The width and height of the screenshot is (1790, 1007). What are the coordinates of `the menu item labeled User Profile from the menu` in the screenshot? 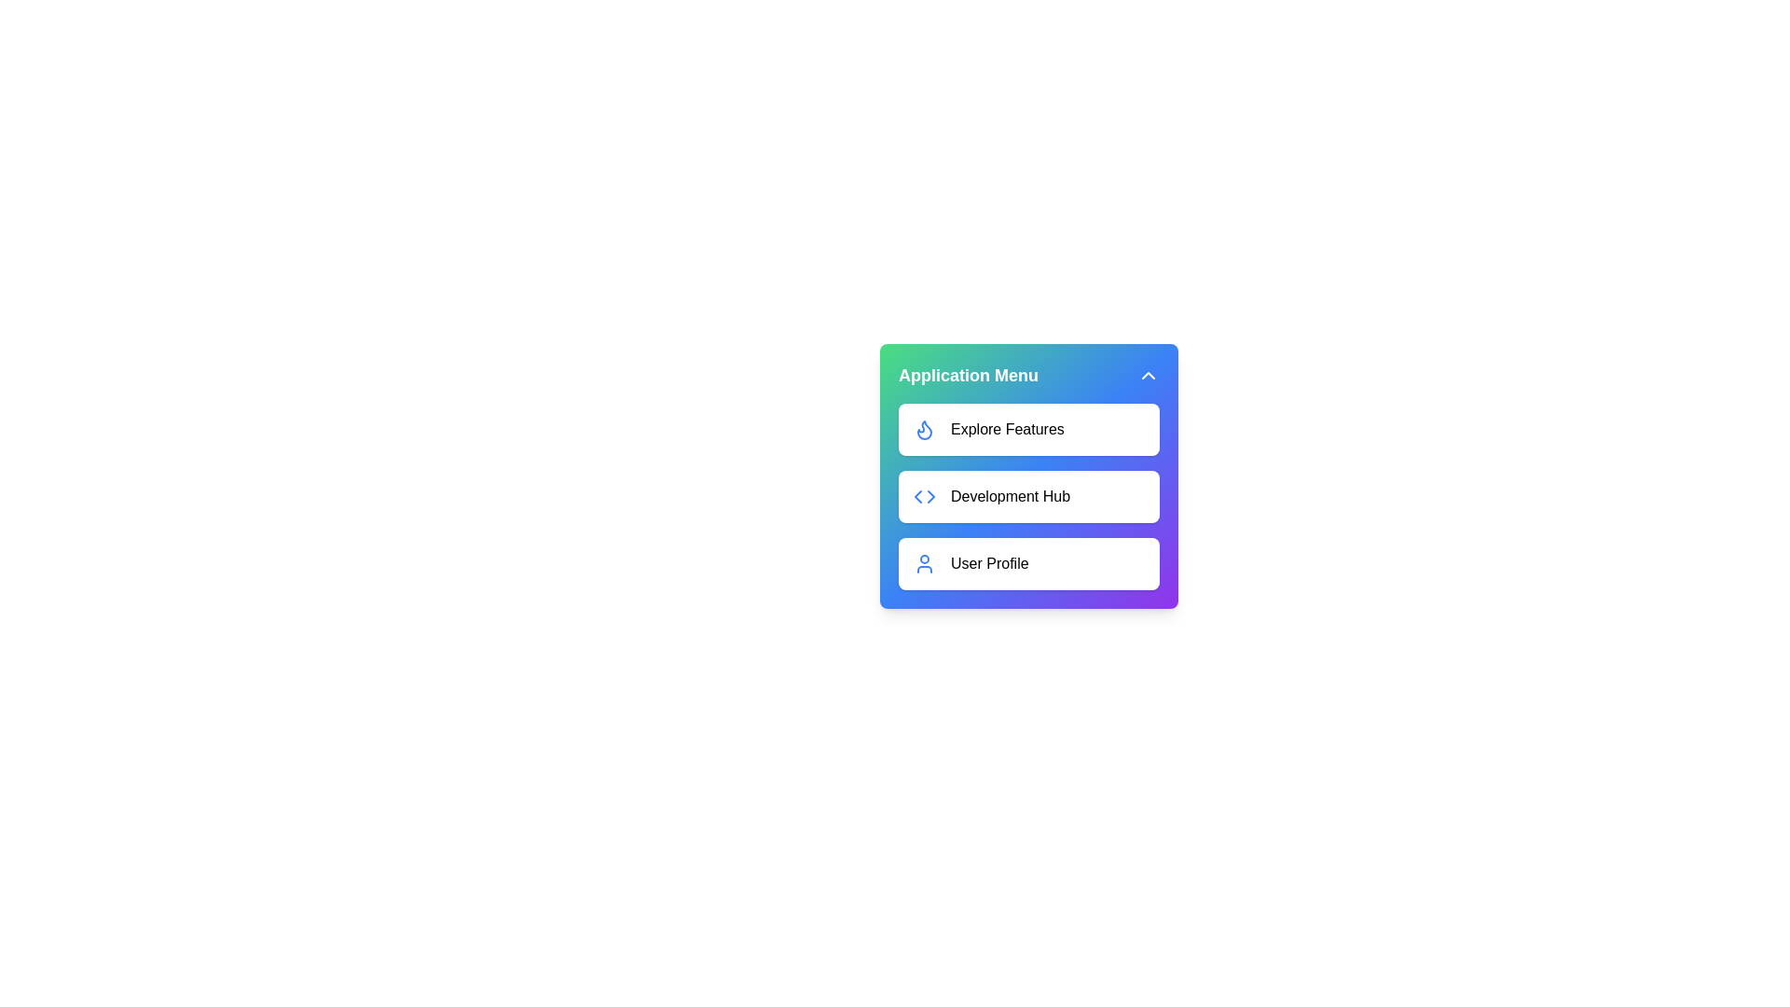 It's located at (1028, 563).